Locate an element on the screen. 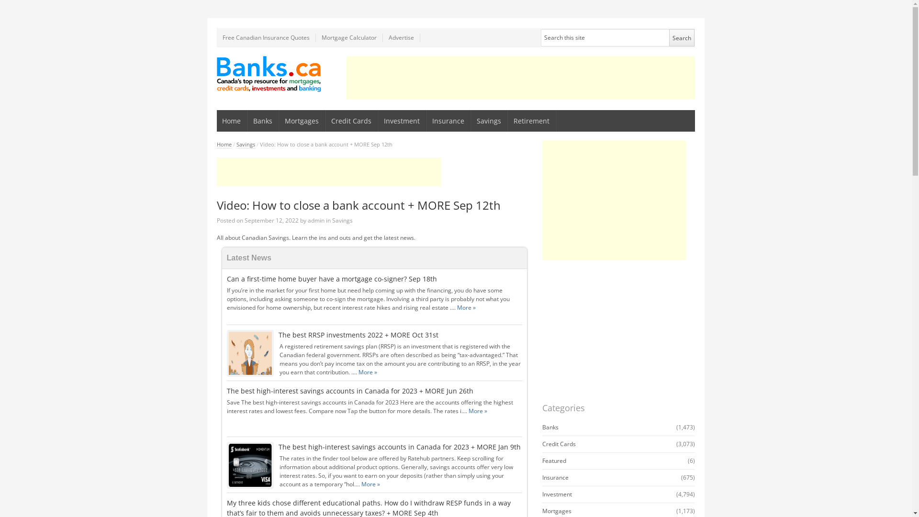 The width and height of the screenshot is (919, 517). 'Banks in Canada' is located at coordinates (268, 73).